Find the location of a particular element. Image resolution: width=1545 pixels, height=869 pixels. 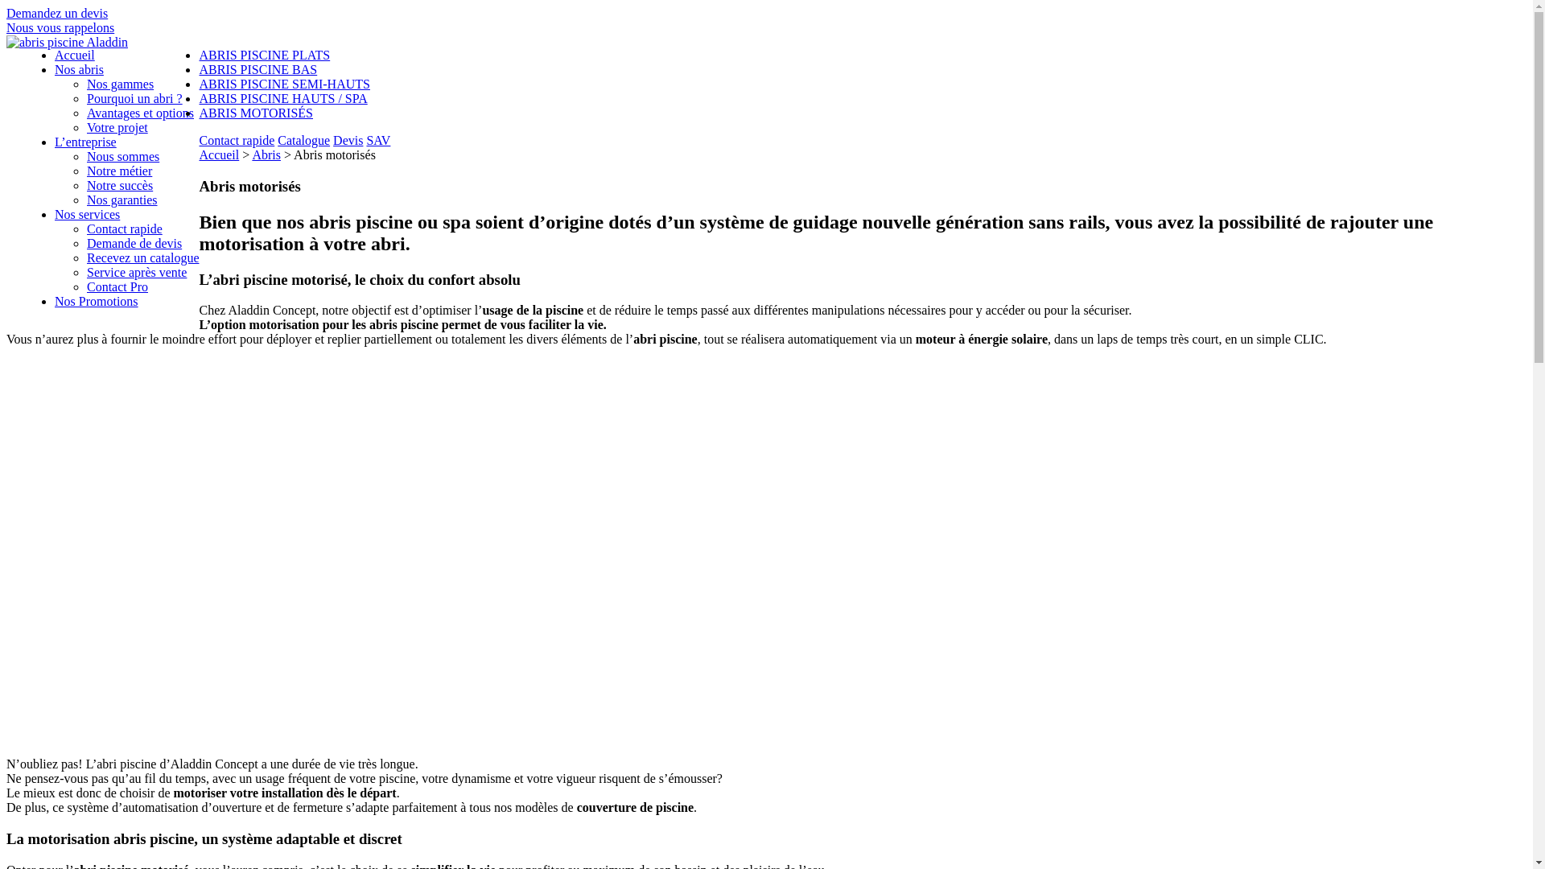

'Abris' is located at coordinates (266, 154).